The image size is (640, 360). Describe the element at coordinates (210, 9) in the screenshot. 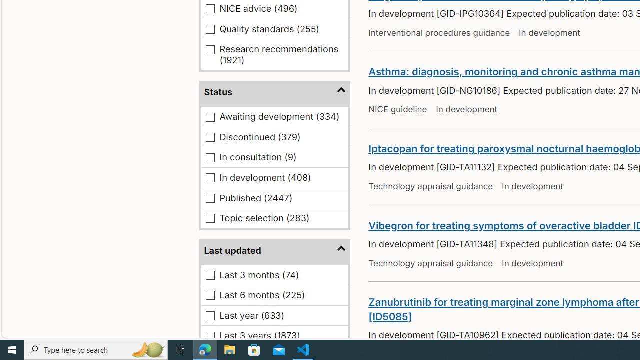

I see `'NICE advice (496)'` at that location.